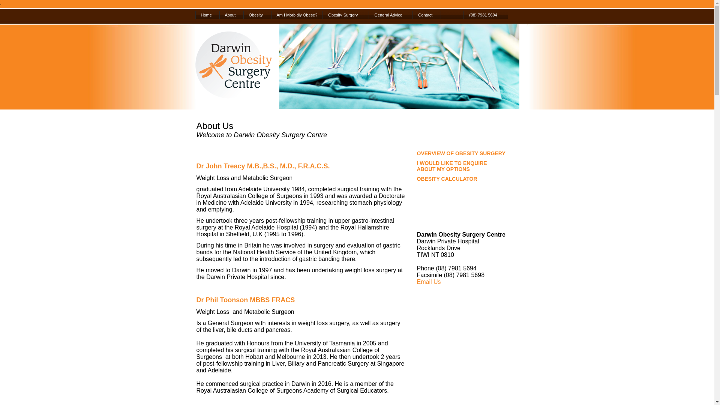 Image resolution: width=720 pixels, height=405 pixels. Describe the element at coordinates (230, 15) in the screenshot. I see `'About'` at that location.